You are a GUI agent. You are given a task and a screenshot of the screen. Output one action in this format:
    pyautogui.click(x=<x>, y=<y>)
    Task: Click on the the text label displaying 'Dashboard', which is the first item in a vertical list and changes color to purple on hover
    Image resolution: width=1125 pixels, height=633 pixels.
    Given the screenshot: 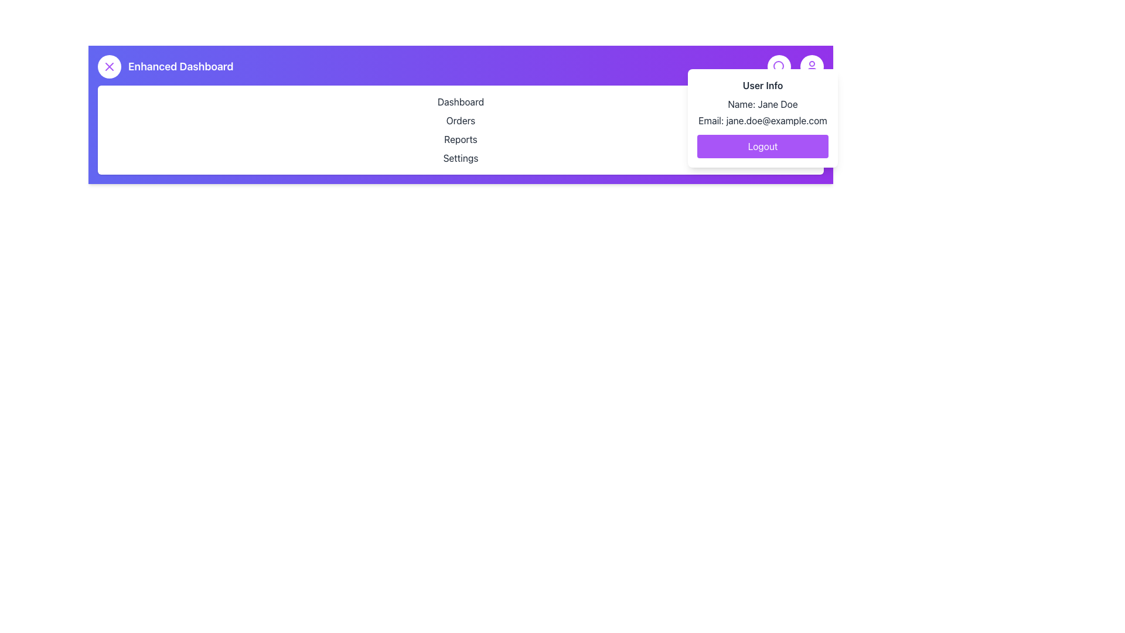 What is the action you would take?
    pyautogui.click(x=460, y=101)
    